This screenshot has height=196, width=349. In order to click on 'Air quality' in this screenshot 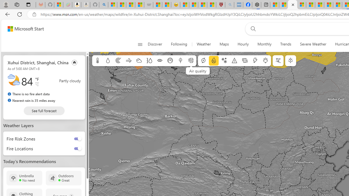, I will do `click(191, 61)`.